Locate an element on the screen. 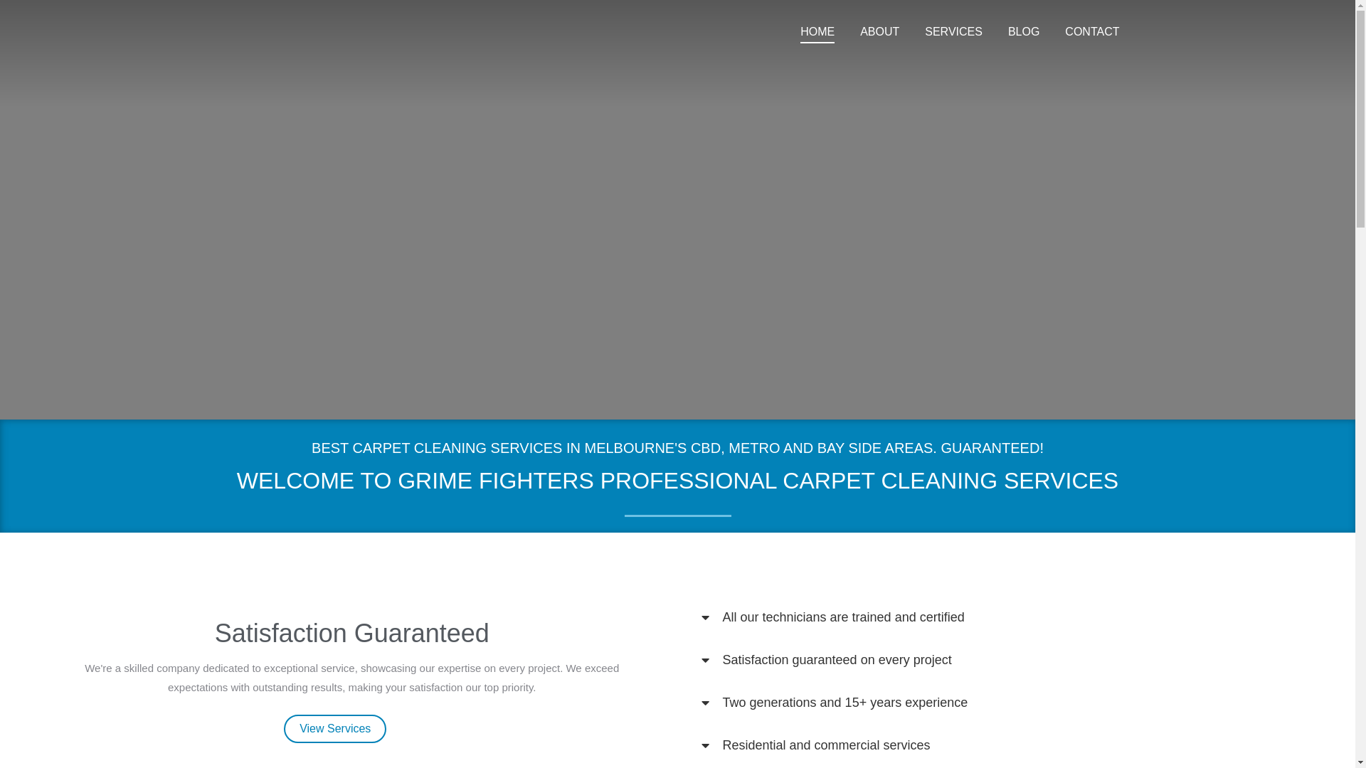 Image resolution: width=1366 pixels, height=768 pixels. 'All our technicians are trained and certified' is located at coordinates (843, 616).